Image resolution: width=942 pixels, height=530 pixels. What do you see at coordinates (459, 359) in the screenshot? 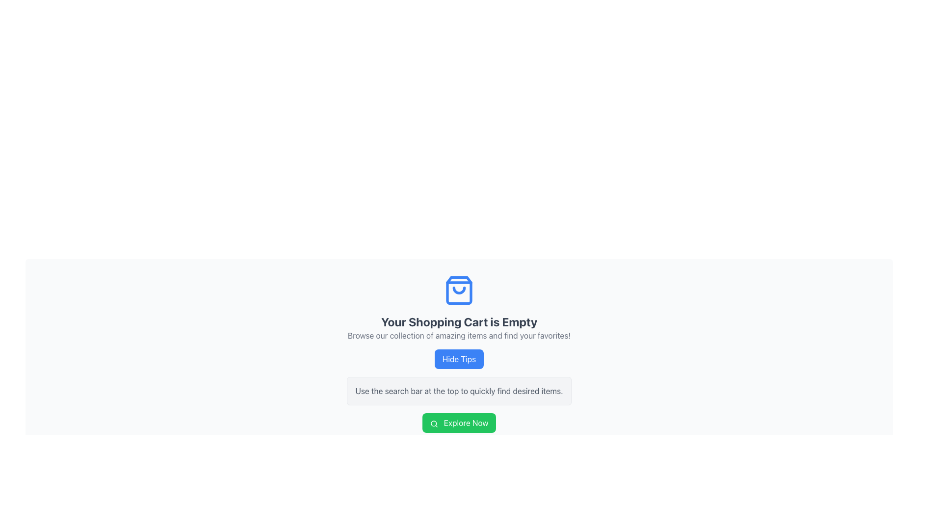
I see `the button that hides the tips section, which is located below the text 'Browse our collection of amazing items and above 'Use the search bar at the top to quickly find desired items.'` at bounding box center [459, 359].